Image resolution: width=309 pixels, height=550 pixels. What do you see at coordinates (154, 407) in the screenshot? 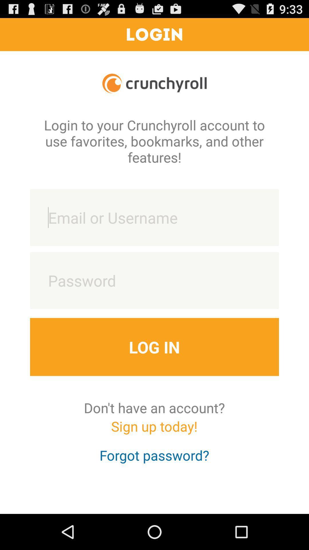
I see `don t have icon` at bounding box center [154, 407].